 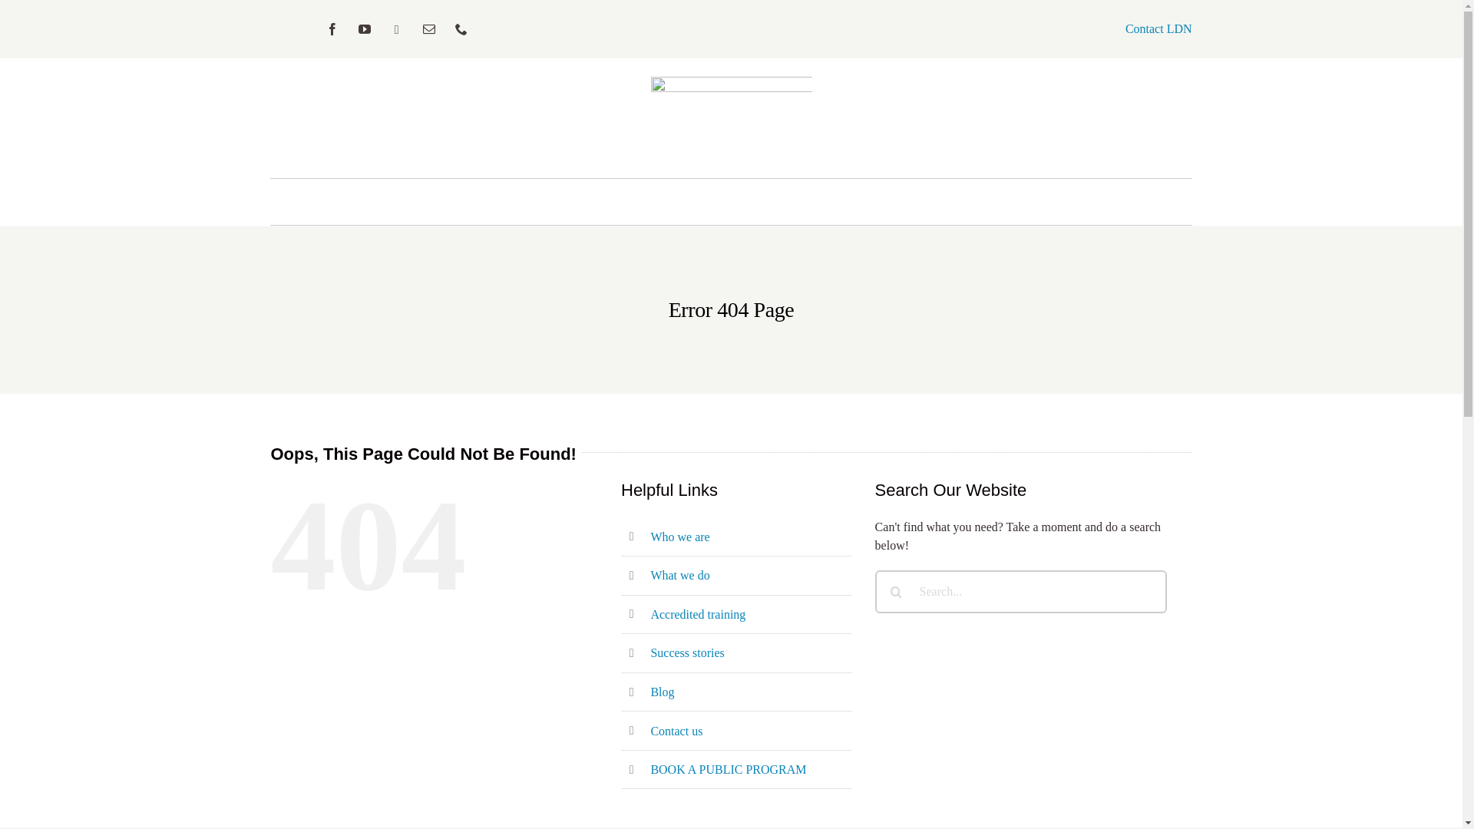 I want to click on 'Email', so click(x=428, y=29).